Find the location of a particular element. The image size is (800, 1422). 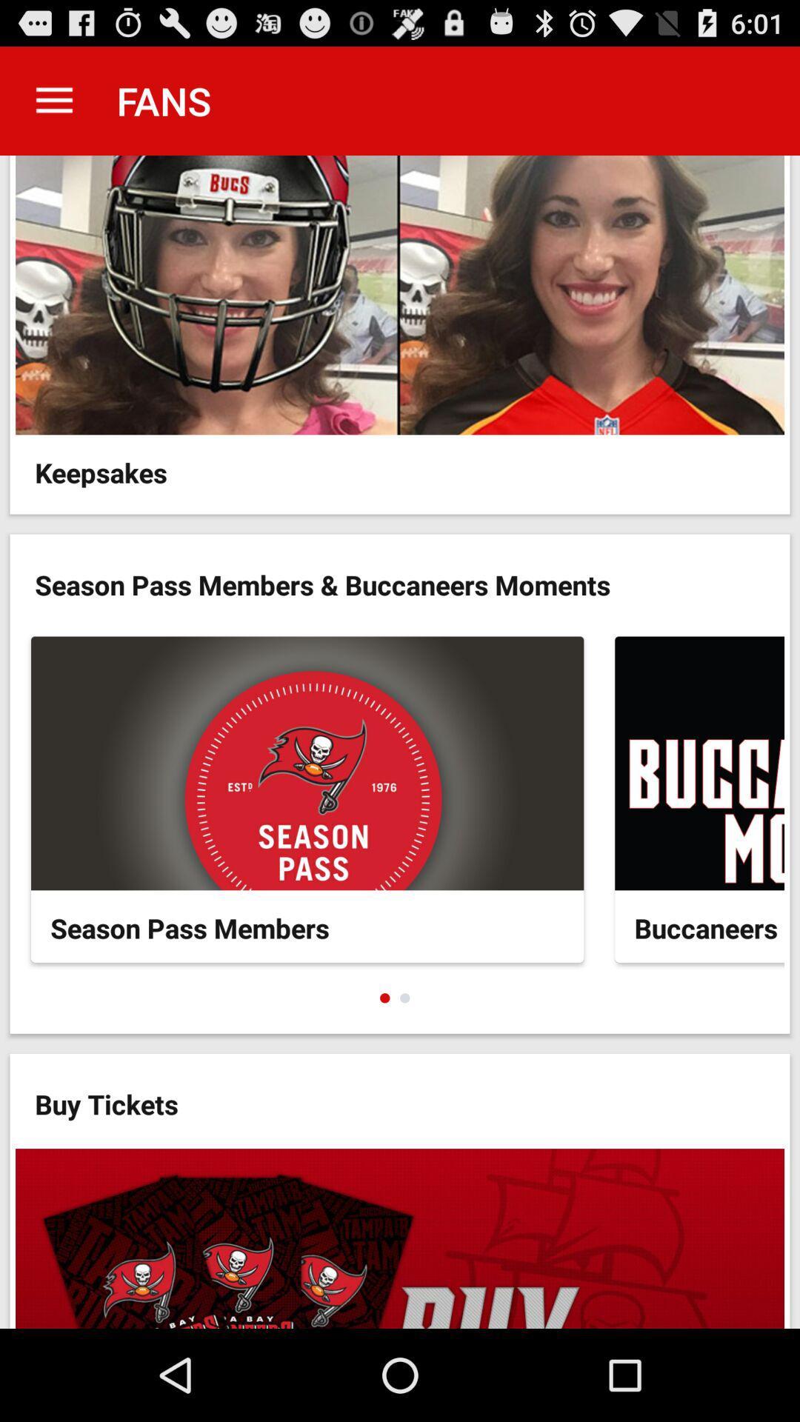

item to the left of the fans is located at coordinates (53, 100).